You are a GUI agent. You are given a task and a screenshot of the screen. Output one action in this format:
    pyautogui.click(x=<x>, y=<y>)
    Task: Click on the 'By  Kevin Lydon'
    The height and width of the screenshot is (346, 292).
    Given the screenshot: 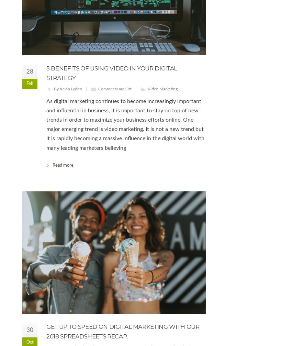 What is the action you would take?
    pyautogui.click(x=54, y=88)
    